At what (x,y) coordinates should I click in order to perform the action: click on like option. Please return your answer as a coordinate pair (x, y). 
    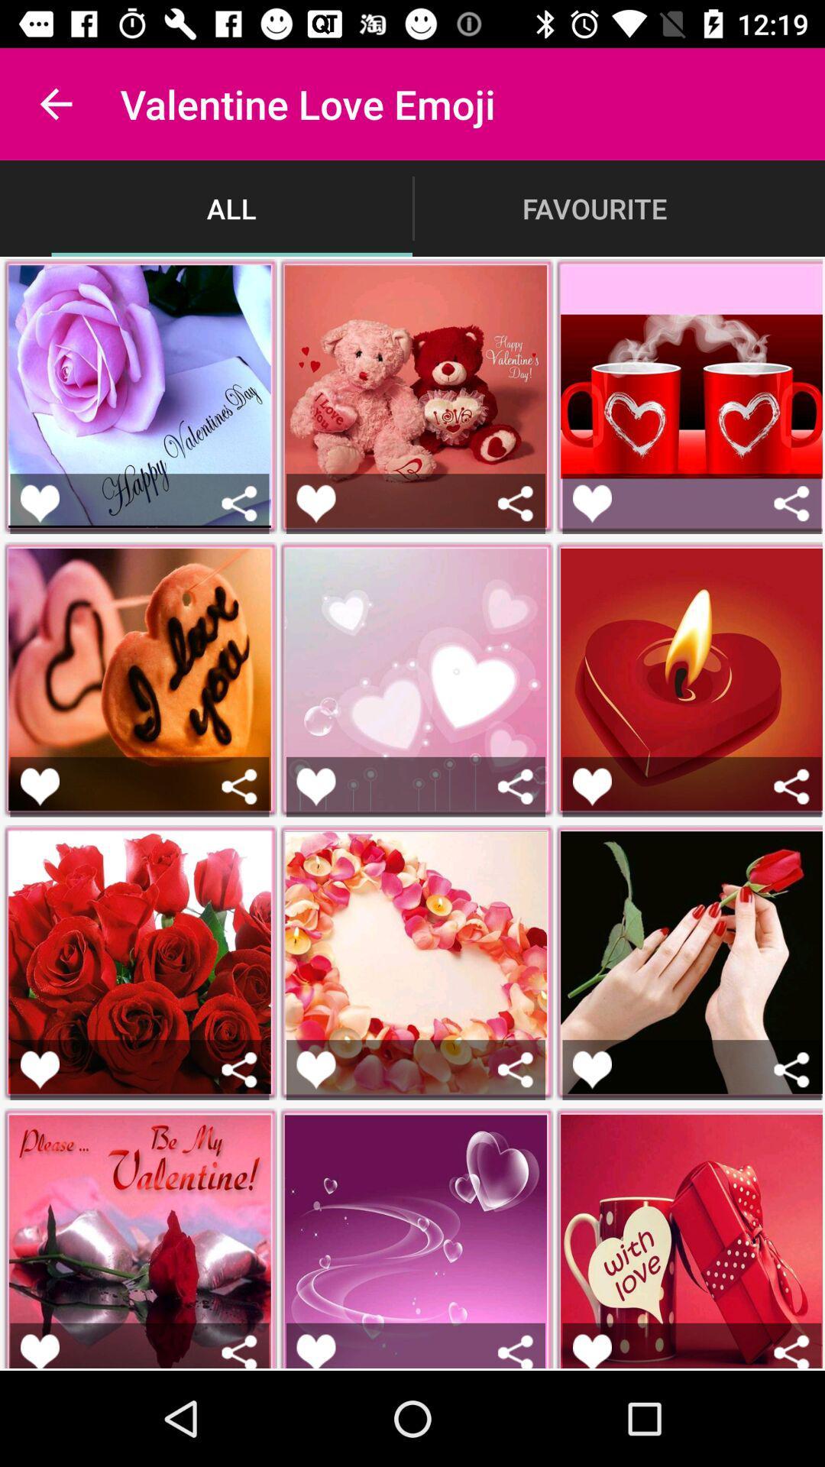
    Looking at the image, I should click on (591, 504).